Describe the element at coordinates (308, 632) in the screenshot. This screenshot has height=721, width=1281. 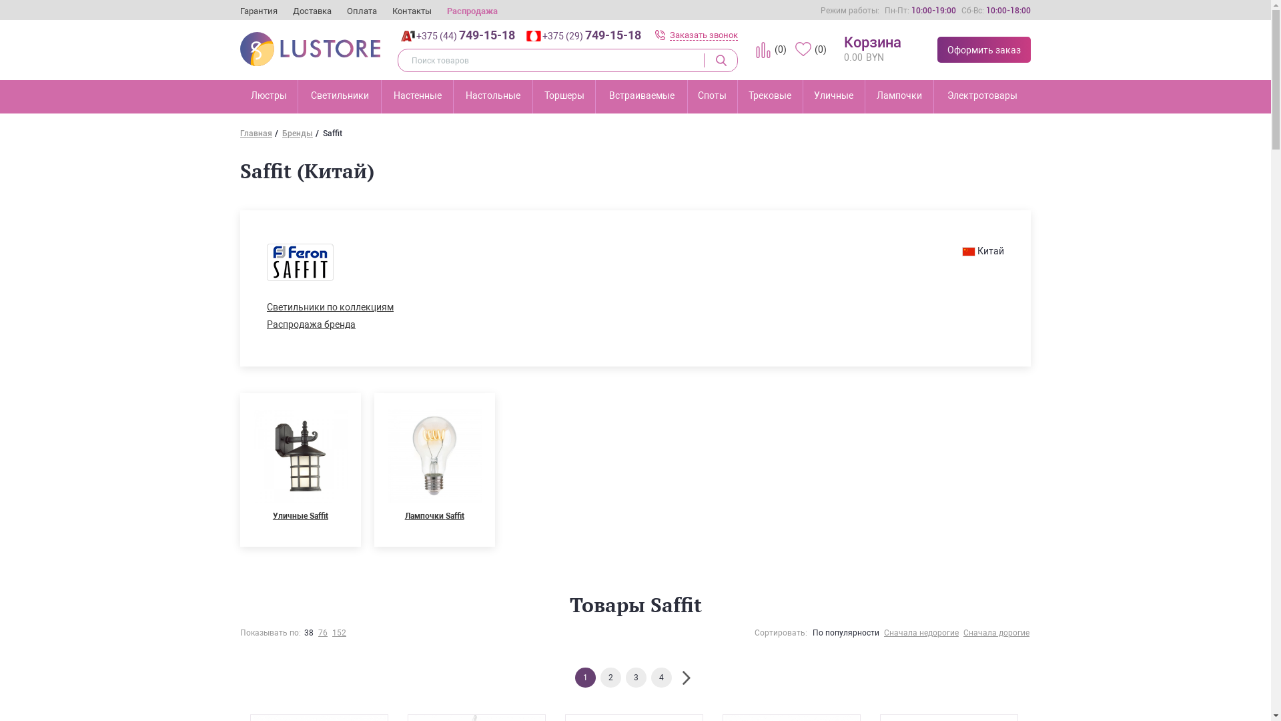
I see `'38'` at that location.